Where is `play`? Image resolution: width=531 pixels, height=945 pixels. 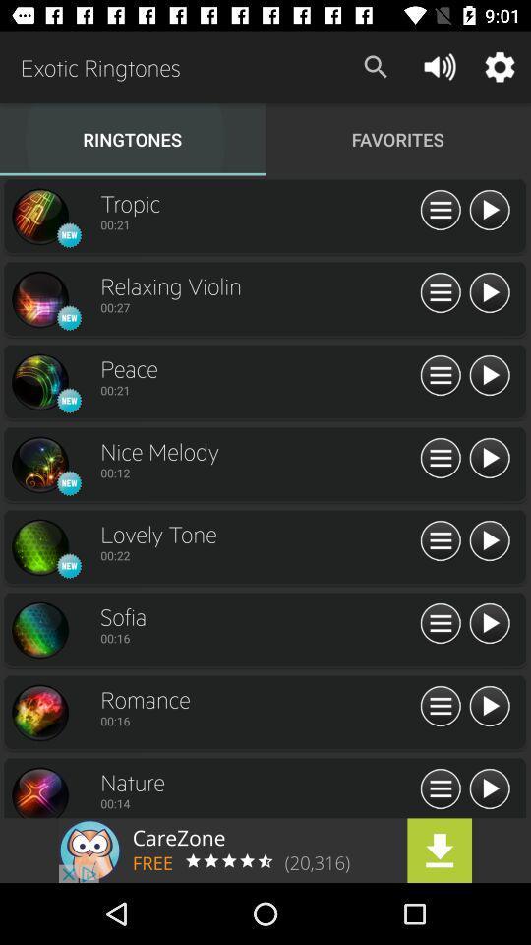
play is located at coordinates (488, 707).